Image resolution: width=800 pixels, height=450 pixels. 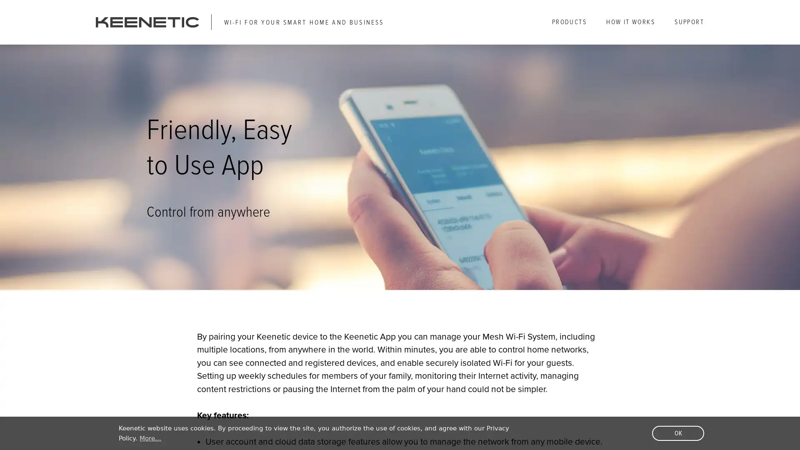 What do you see at coordinates (150, 438) in the screenshot?
I see `learn more about cookies` at bounding box center [150, 438].